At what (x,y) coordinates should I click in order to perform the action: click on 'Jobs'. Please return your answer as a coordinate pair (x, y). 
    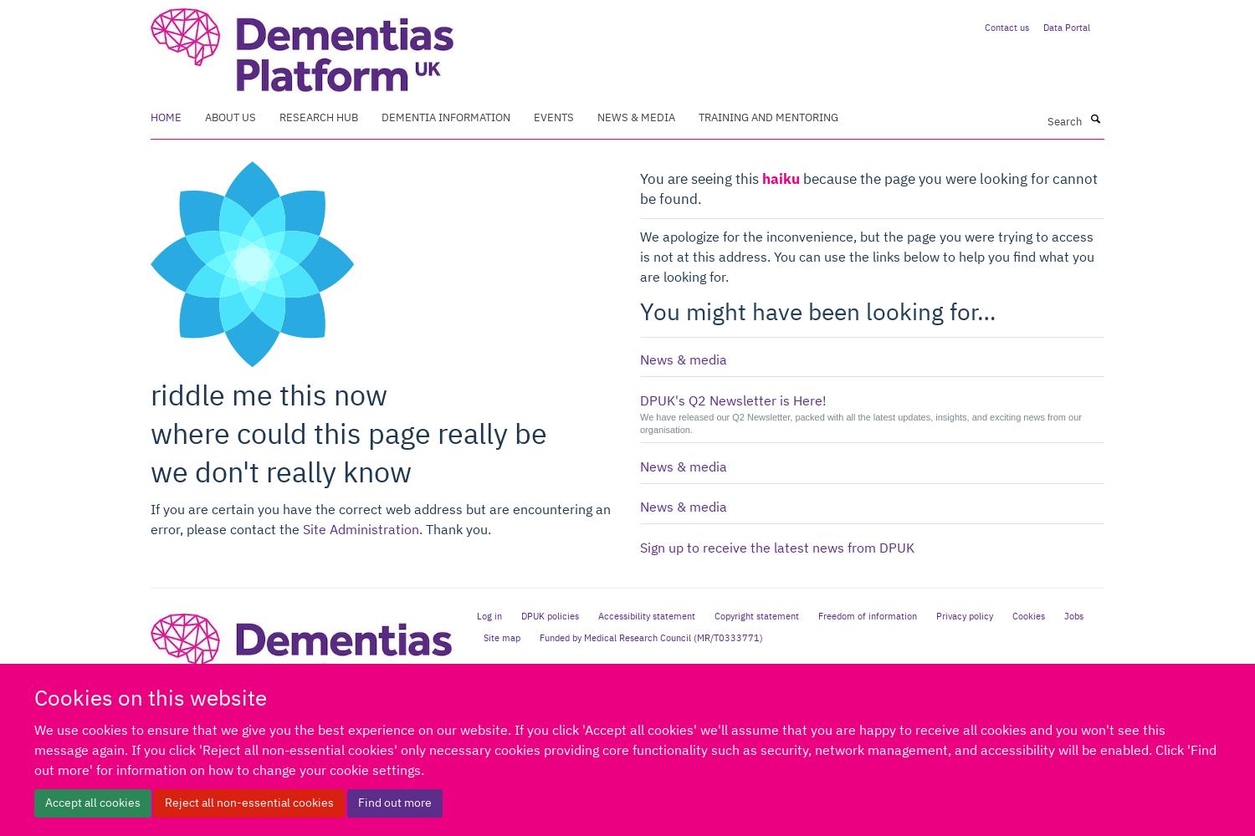
    Looking at the image, I should click on (1063, 615).